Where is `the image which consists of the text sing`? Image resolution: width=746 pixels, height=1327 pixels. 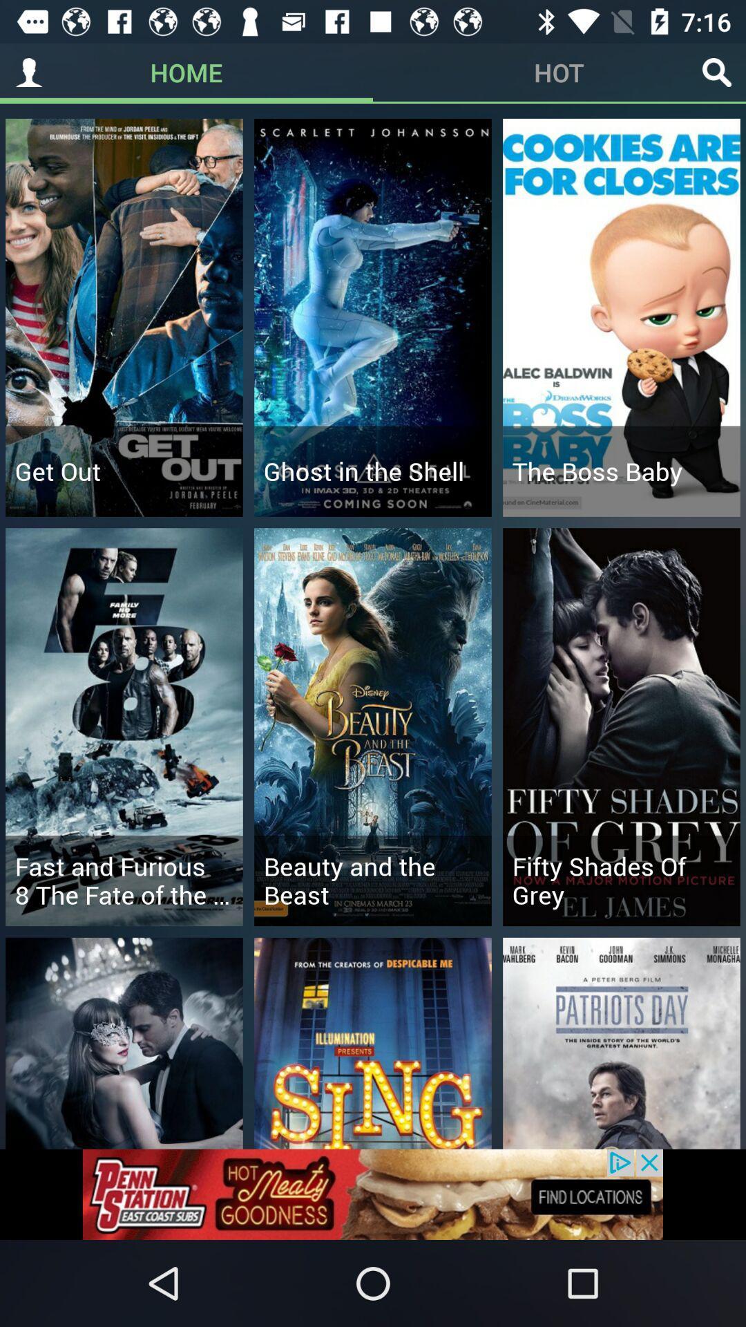 the image which consists of the text sing is located at coordinates (373, 1044).